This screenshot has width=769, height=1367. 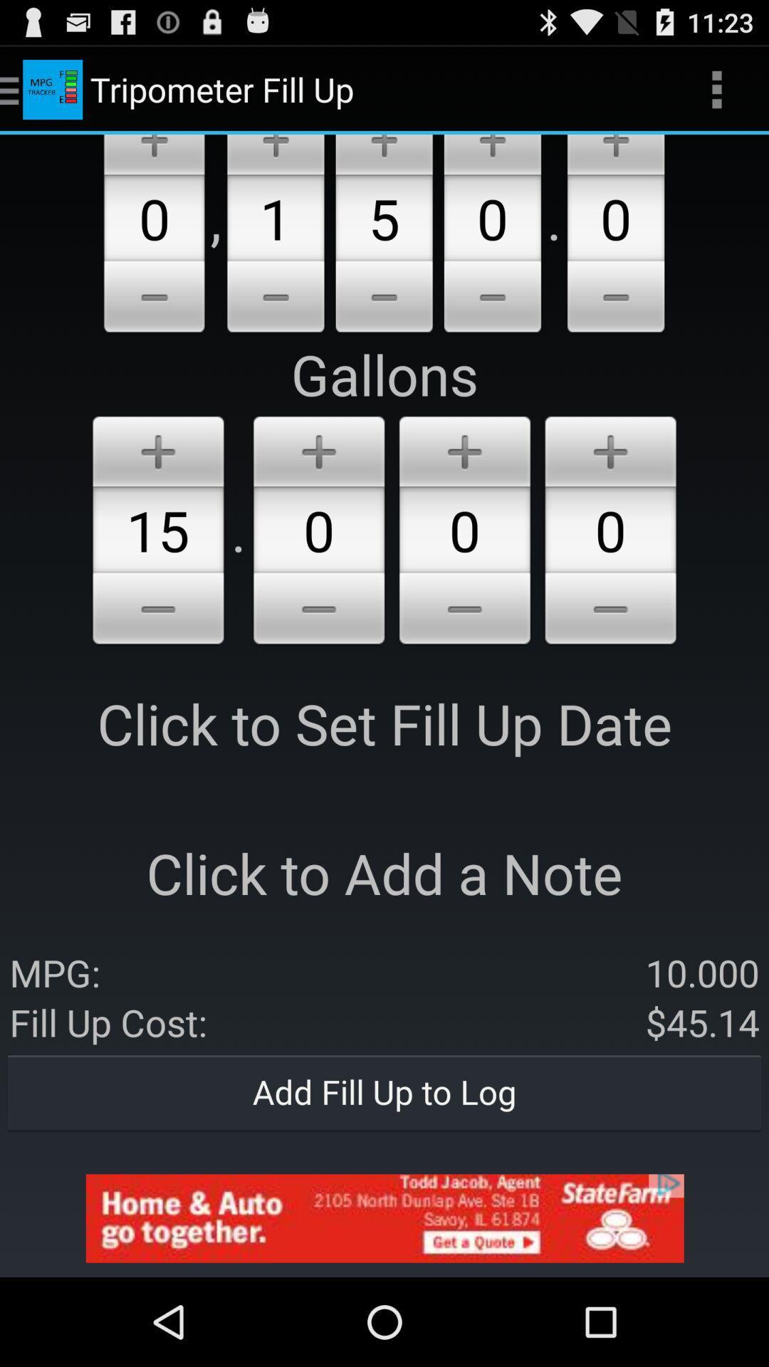 What do you see at coordinates (610, 448) in the screenshot?
I see `increase the number` at bounding box center [610, 448].